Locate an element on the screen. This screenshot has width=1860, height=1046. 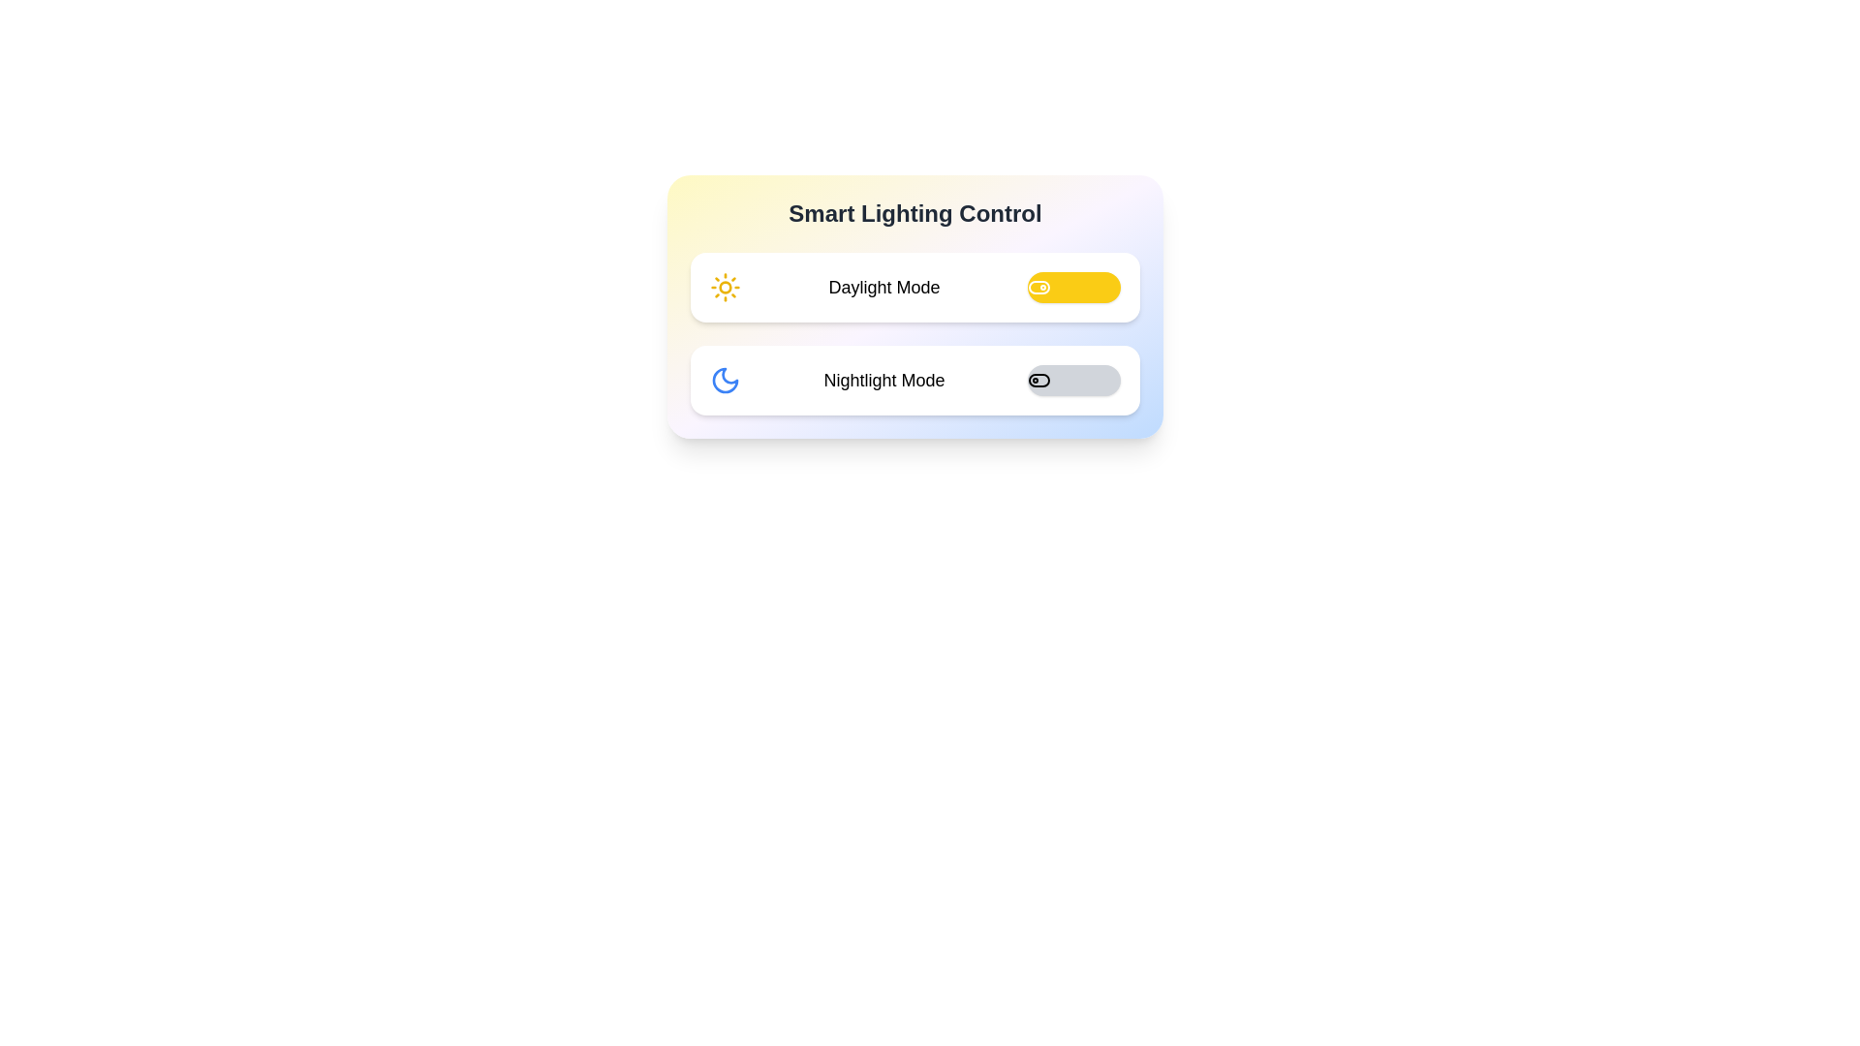
the static background of the toggle switch for the 'Daylight Mode' option is located at coordinates (1038, 288).